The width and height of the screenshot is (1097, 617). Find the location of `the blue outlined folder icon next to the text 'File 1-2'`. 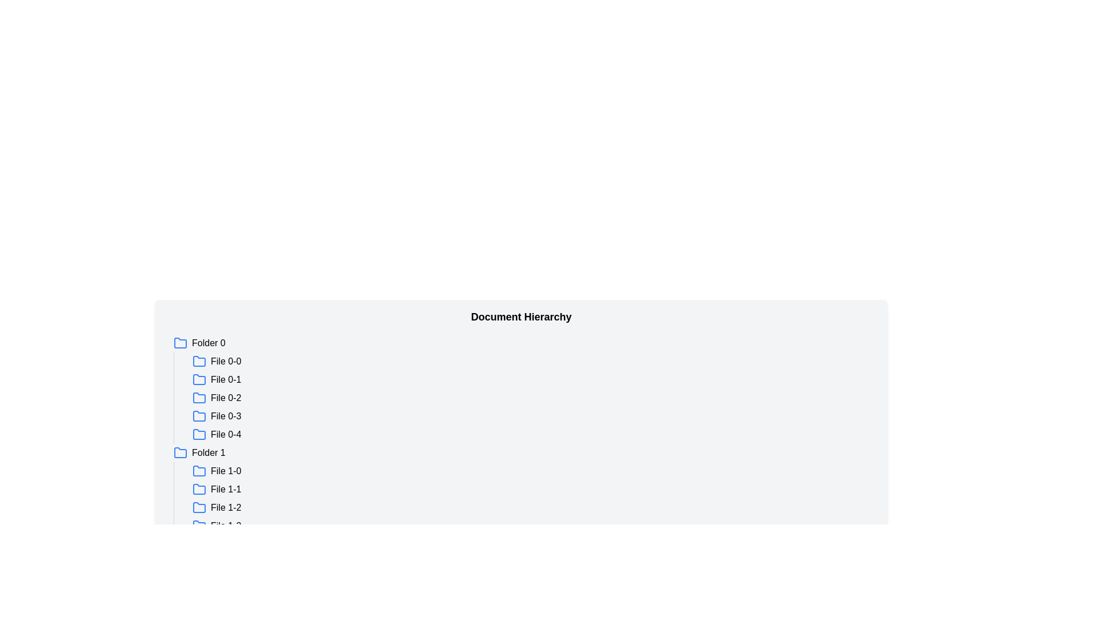

the blue outlined folder icon next to the text 'File 1-2' is located at coordinates (199, 506).